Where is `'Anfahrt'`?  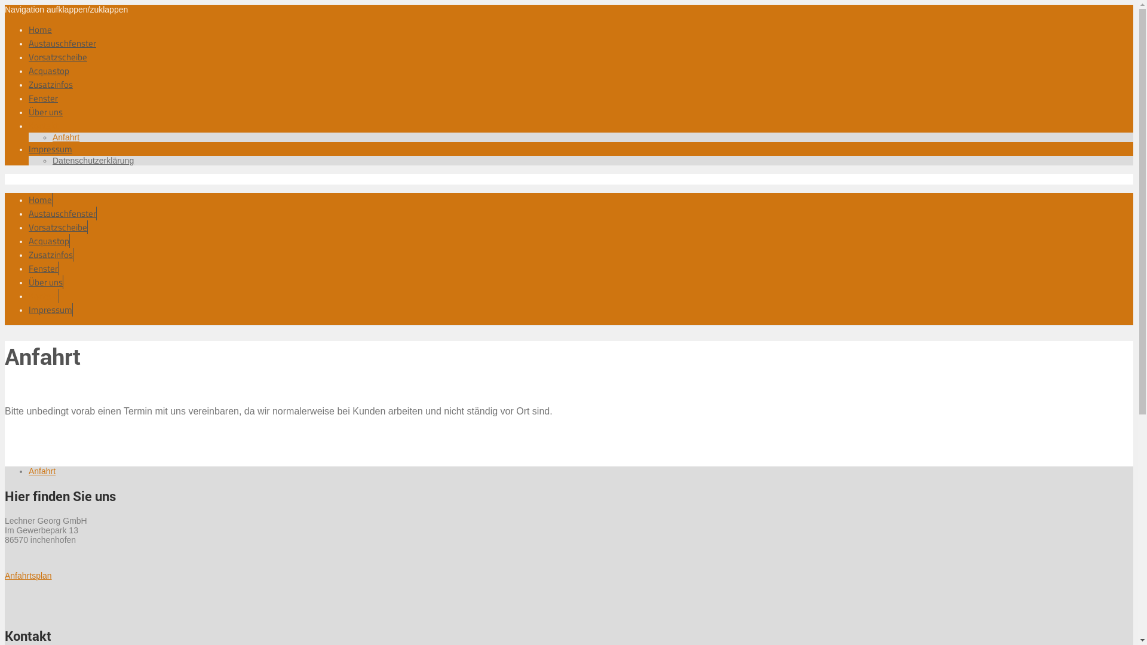 'Anfahrt' is located at coordinates (42, 471).